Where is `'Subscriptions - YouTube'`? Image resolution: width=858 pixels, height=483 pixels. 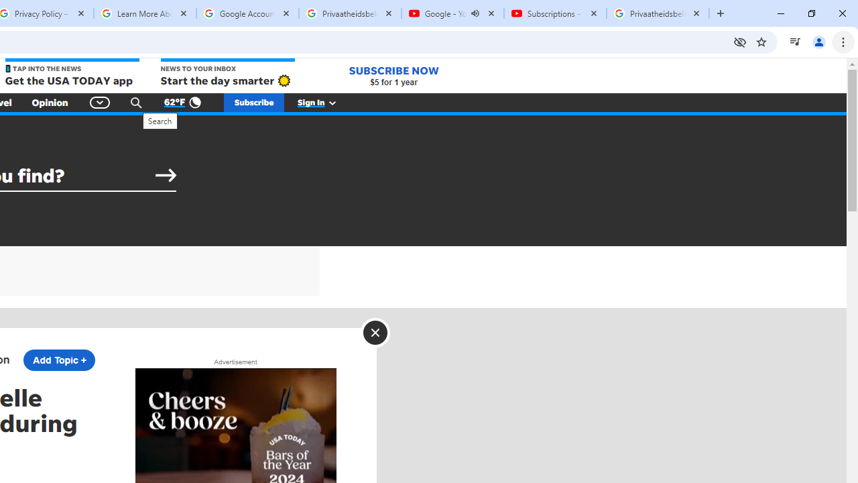
'Subscriptions - YouTube' is located at coordinates (555, 13).